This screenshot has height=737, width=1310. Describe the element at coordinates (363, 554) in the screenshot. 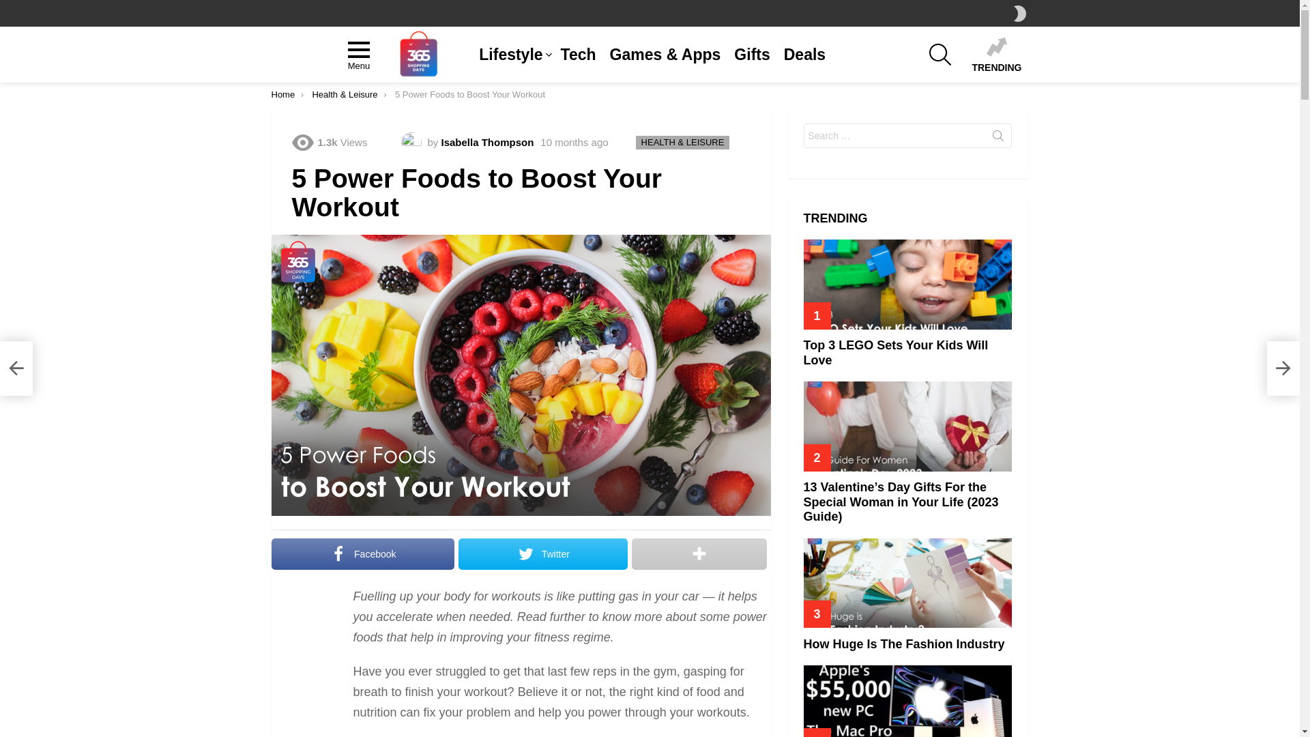

I see `'Facebook'` at that location.